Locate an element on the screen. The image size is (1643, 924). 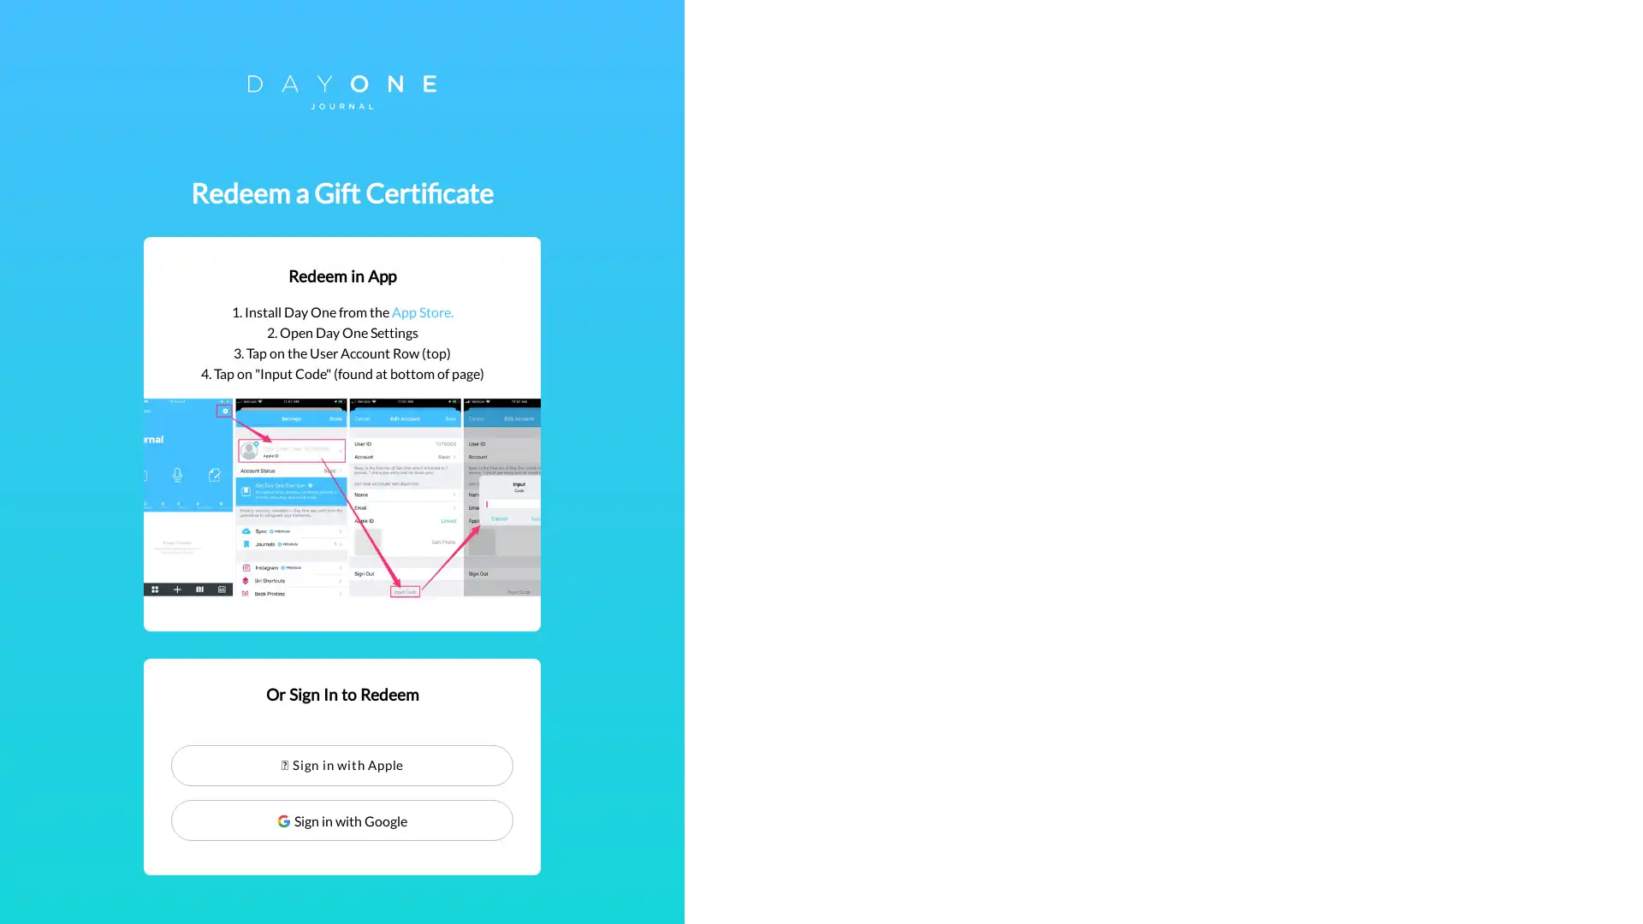
Sign in with Google is located at coordinates (821, 820).